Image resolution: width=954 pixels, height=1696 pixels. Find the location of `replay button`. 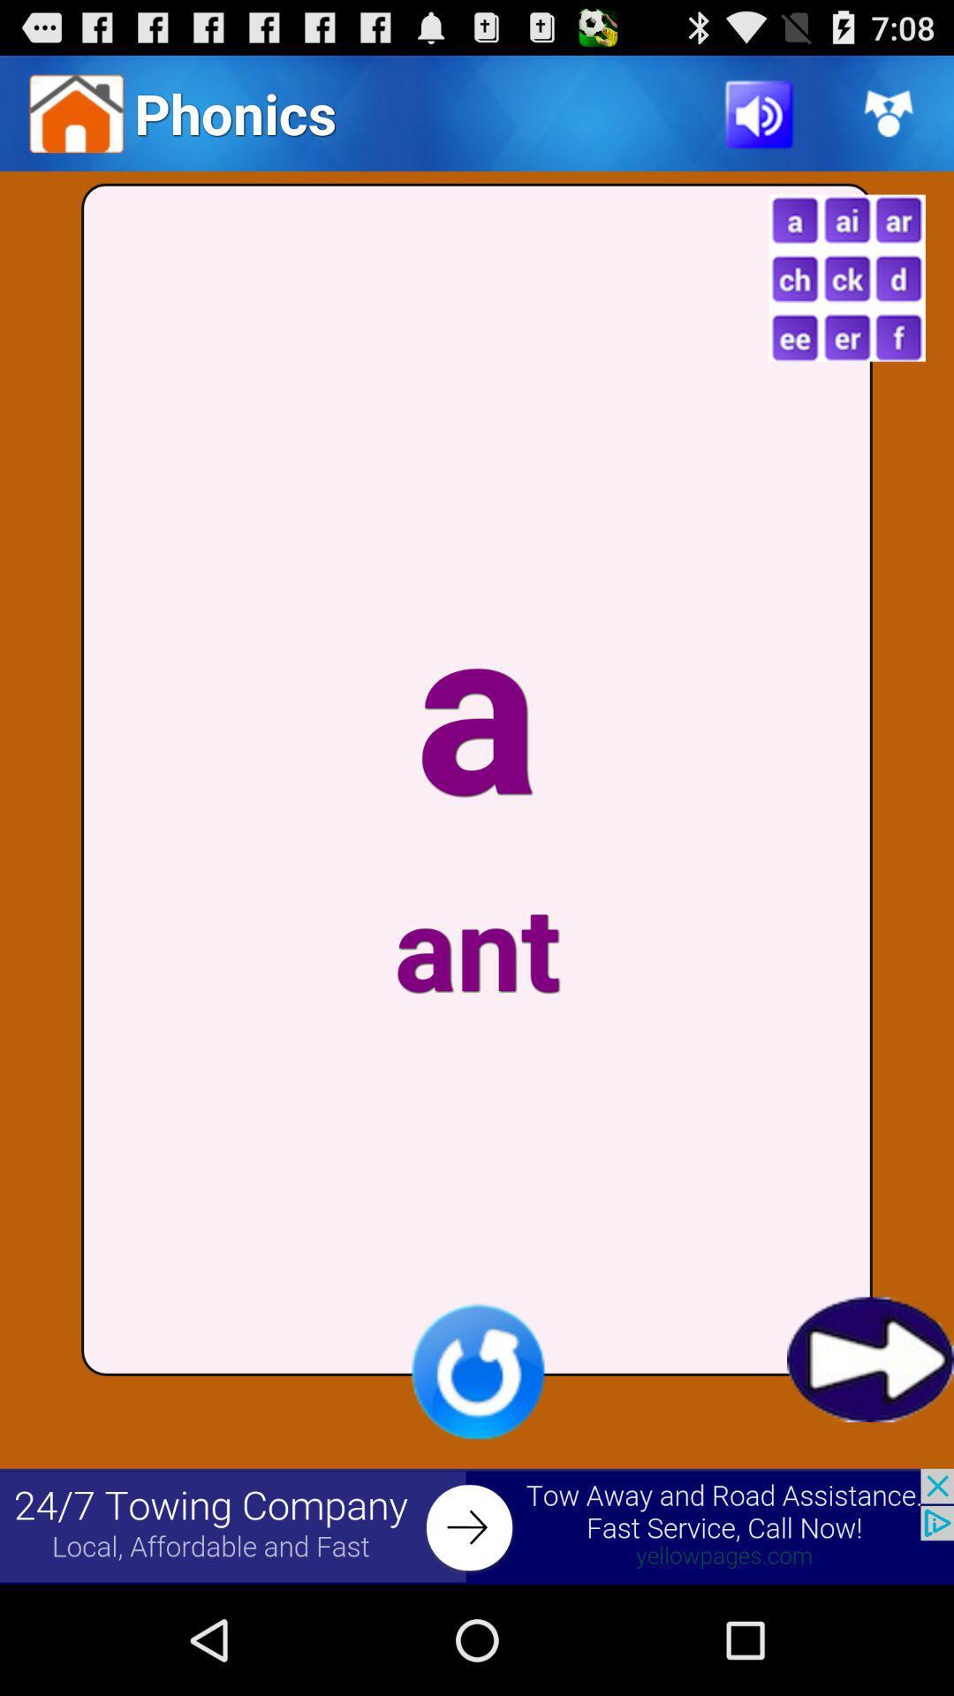

replay button is located at coordinates (477, 1370).